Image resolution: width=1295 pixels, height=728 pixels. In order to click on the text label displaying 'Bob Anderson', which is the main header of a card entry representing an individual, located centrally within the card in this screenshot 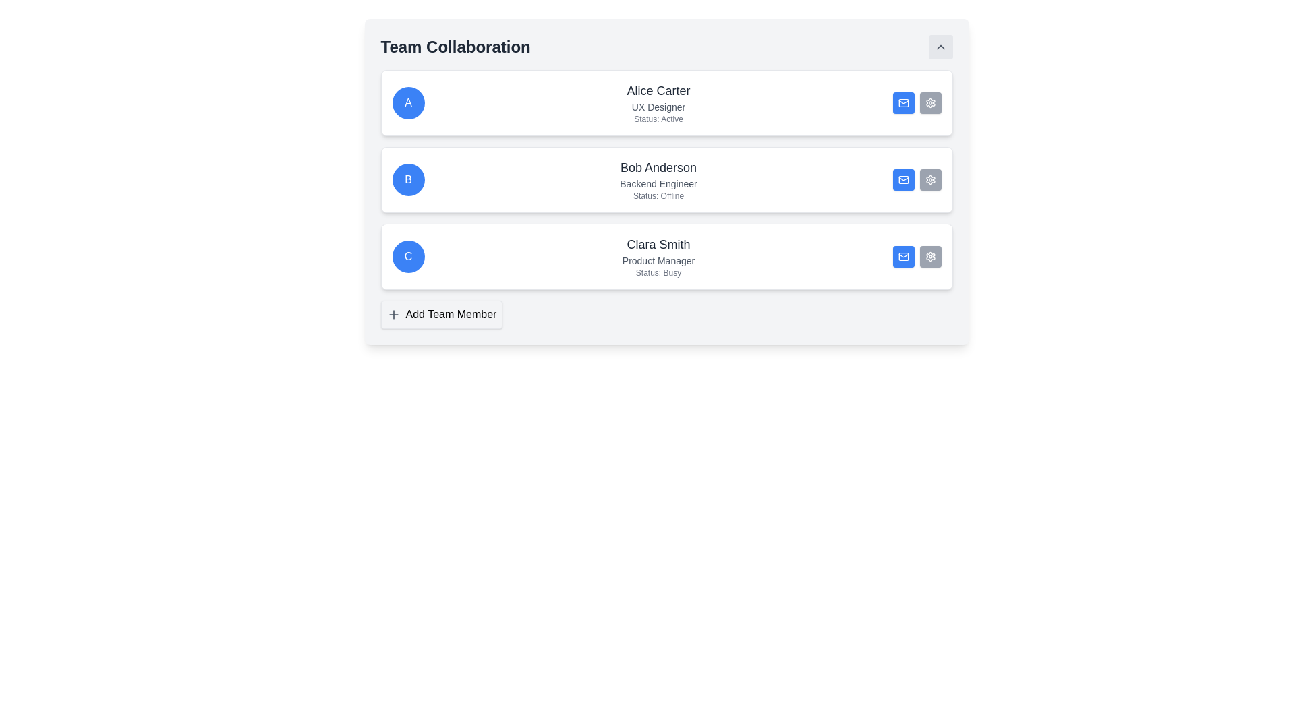, I will do `click(658, 167)`.